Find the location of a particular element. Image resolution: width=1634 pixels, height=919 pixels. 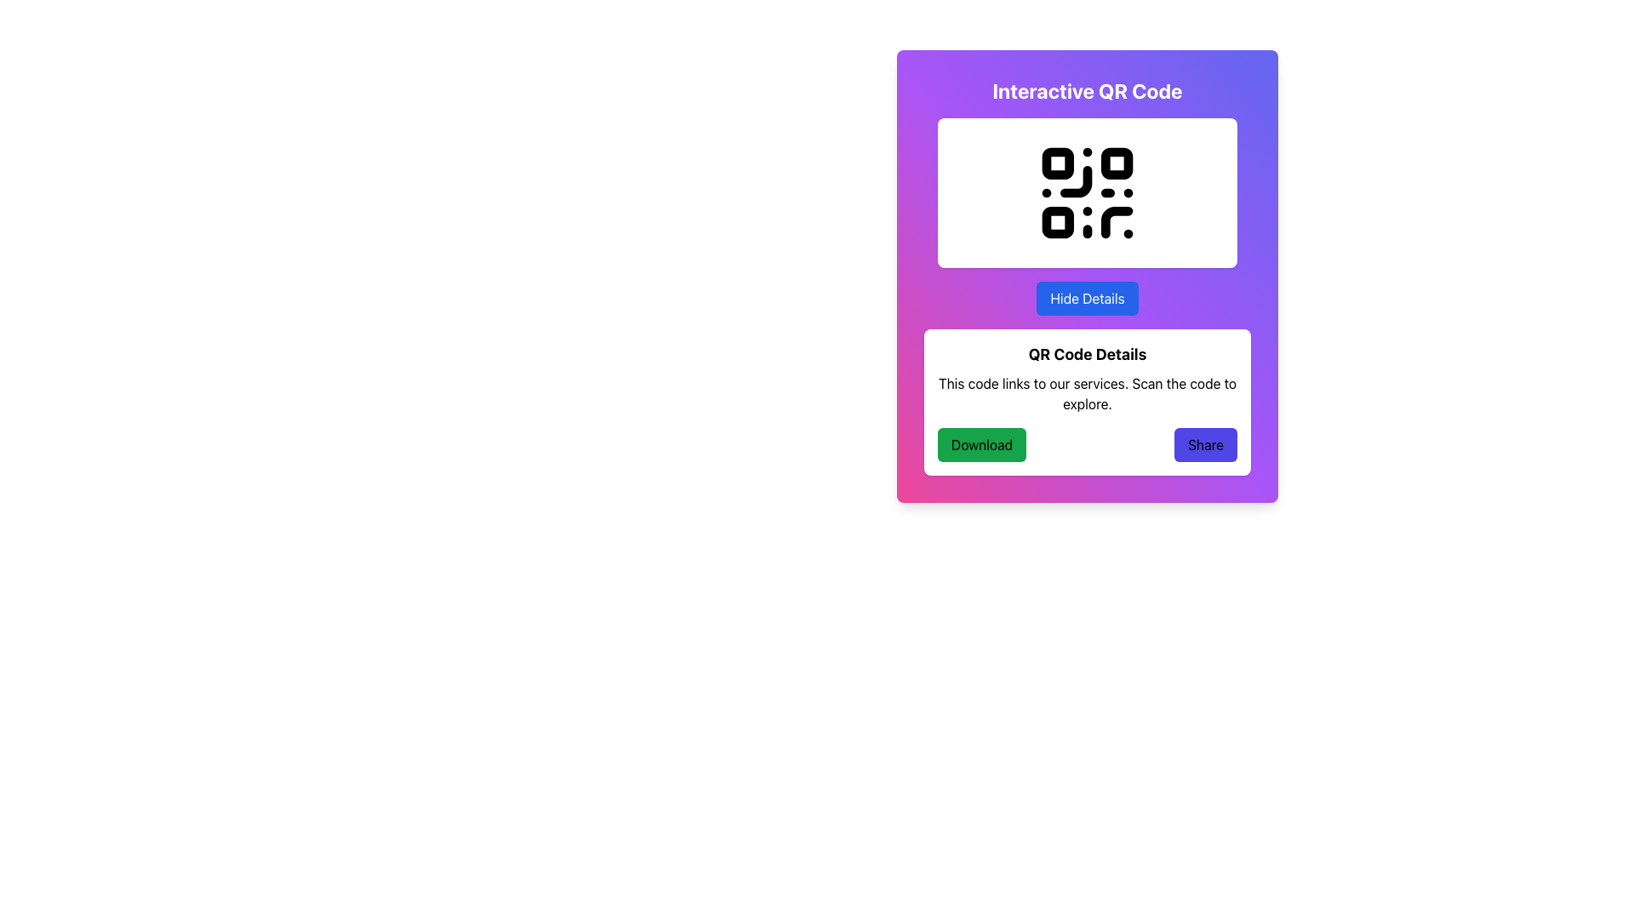

the small black square component that resembles part of a QR code structure, located in the bottom-left quadrant of the QR code is located at coordinates (1057, 221).